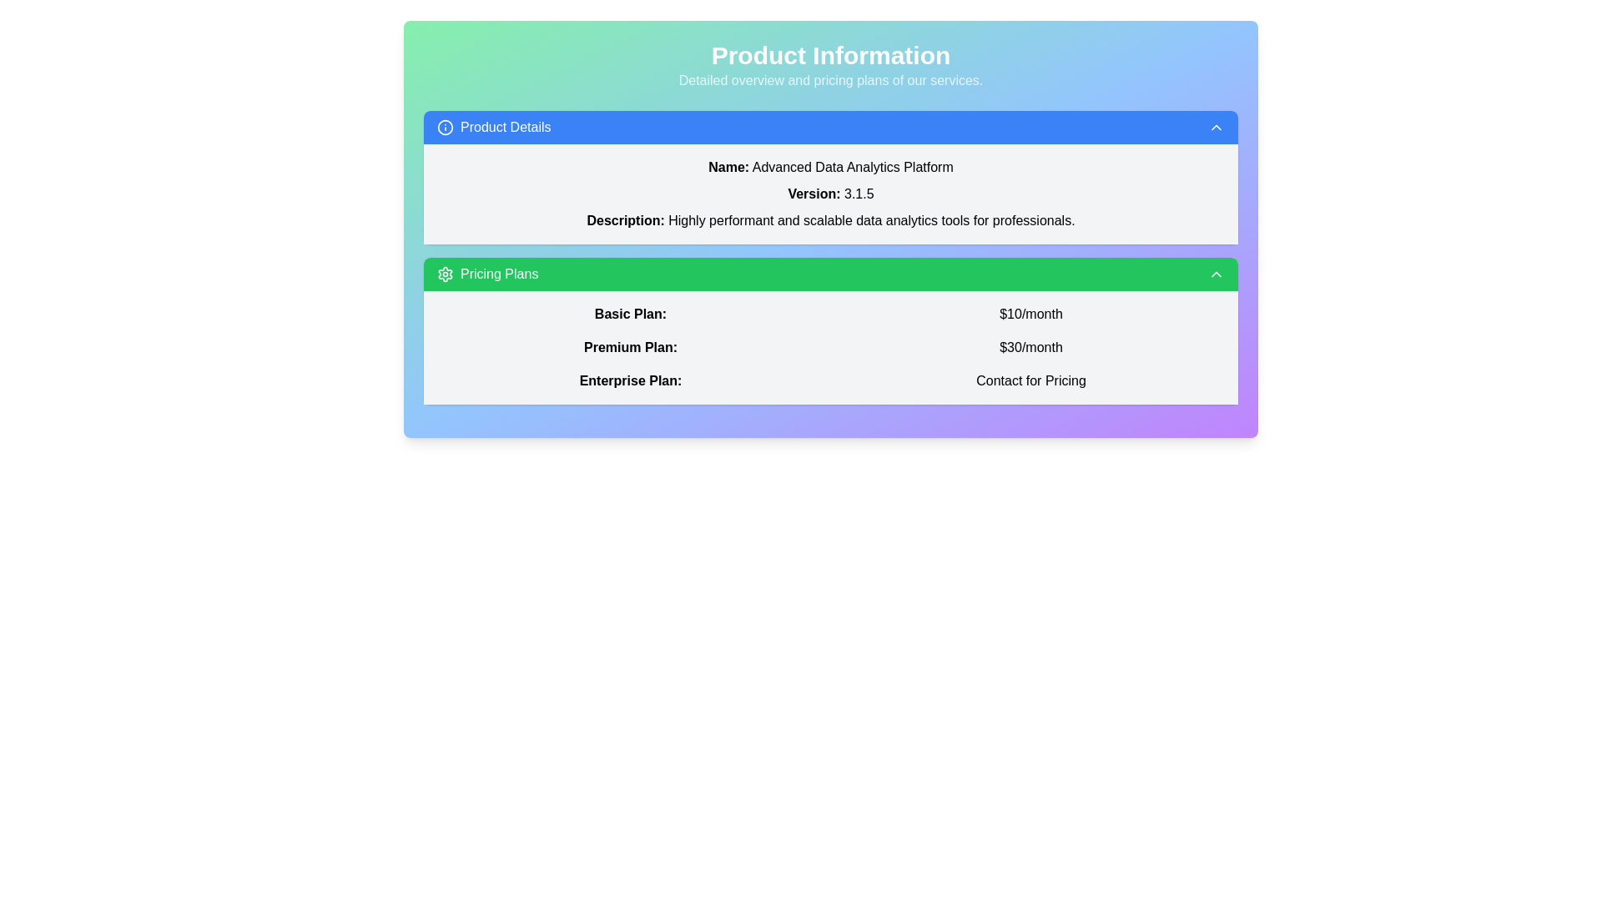 The image size is (1602, 901). Describe the element at coordinates (1030, 346) in the screenshot. I see `text element displaying the subscription cost for the Premium Plan, which is styled as bold black text reading '$30/month', located in the second row of the pricing table aligned with 'Premium Plan:'` at that location.